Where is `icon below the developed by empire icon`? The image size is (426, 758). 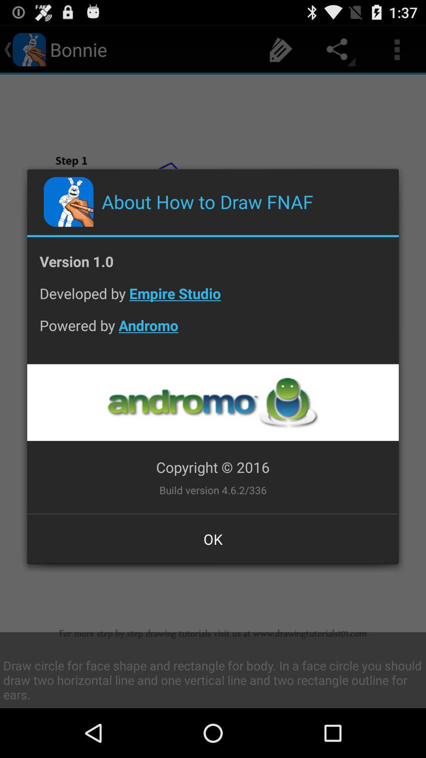 icon below the developed by empire icon is located at coordinates (213, 332).